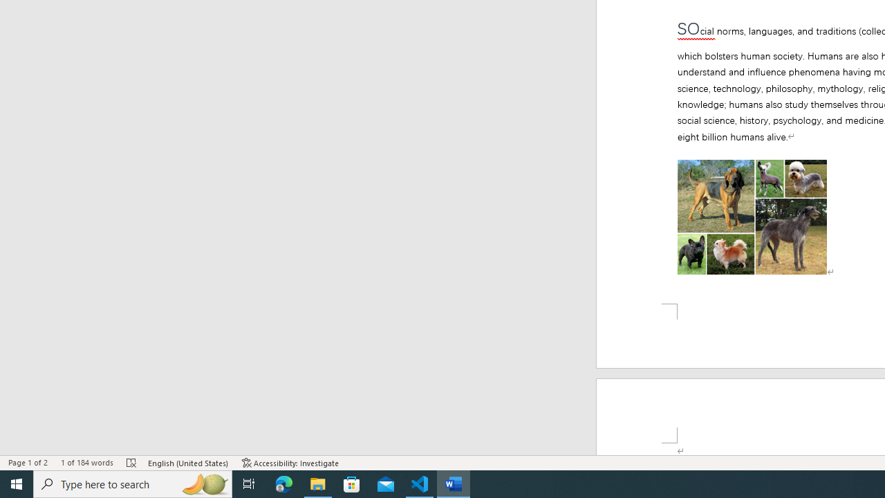  What do you see at coordinates (28, 463) in the screenshot?
I see `'Page Number Page 1 of 2'` at bounding box center [28, 463].